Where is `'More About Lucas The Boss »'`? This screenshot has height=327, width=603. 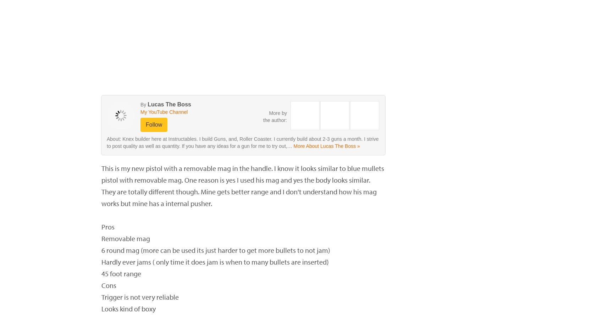 'More About Lucas The Boss »' is located at coordinates (326, 146).